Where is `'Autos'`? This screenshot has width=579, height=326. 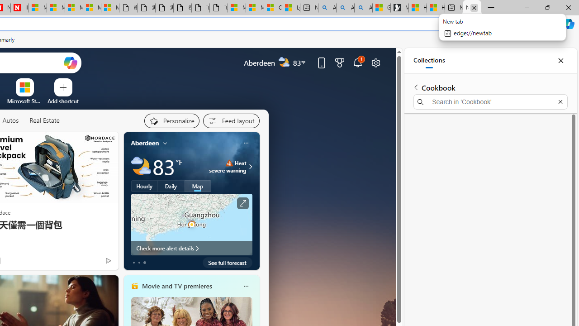 'Autos' is located at coordinates (10, 120).